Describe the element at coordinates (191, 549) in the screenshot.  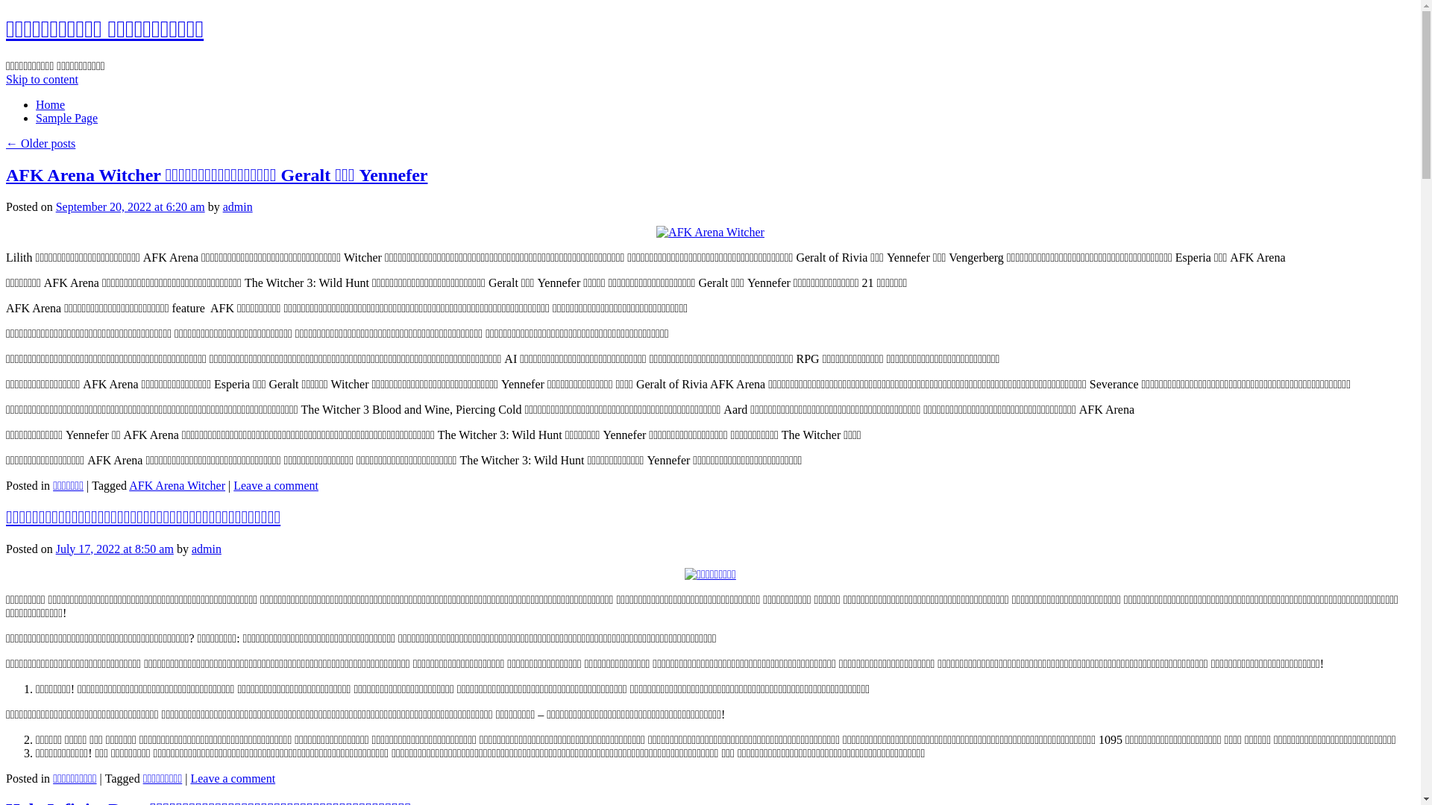
I see `'admin'` at that location.